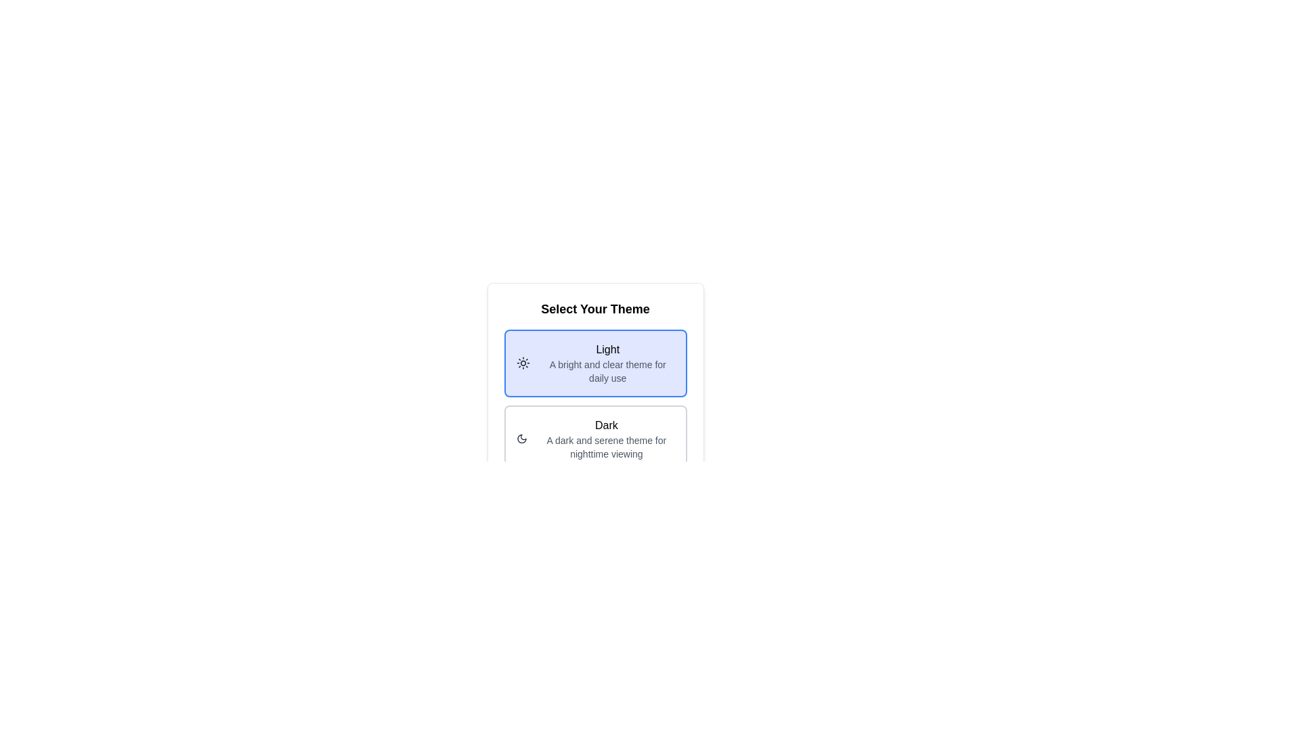 Image resolution: width=1300 pixels, height=731 pixels. I want to click on the header text that indicates the theme selection section, which is centrally positioned at the top of the enclosing card, so click(595, 309).